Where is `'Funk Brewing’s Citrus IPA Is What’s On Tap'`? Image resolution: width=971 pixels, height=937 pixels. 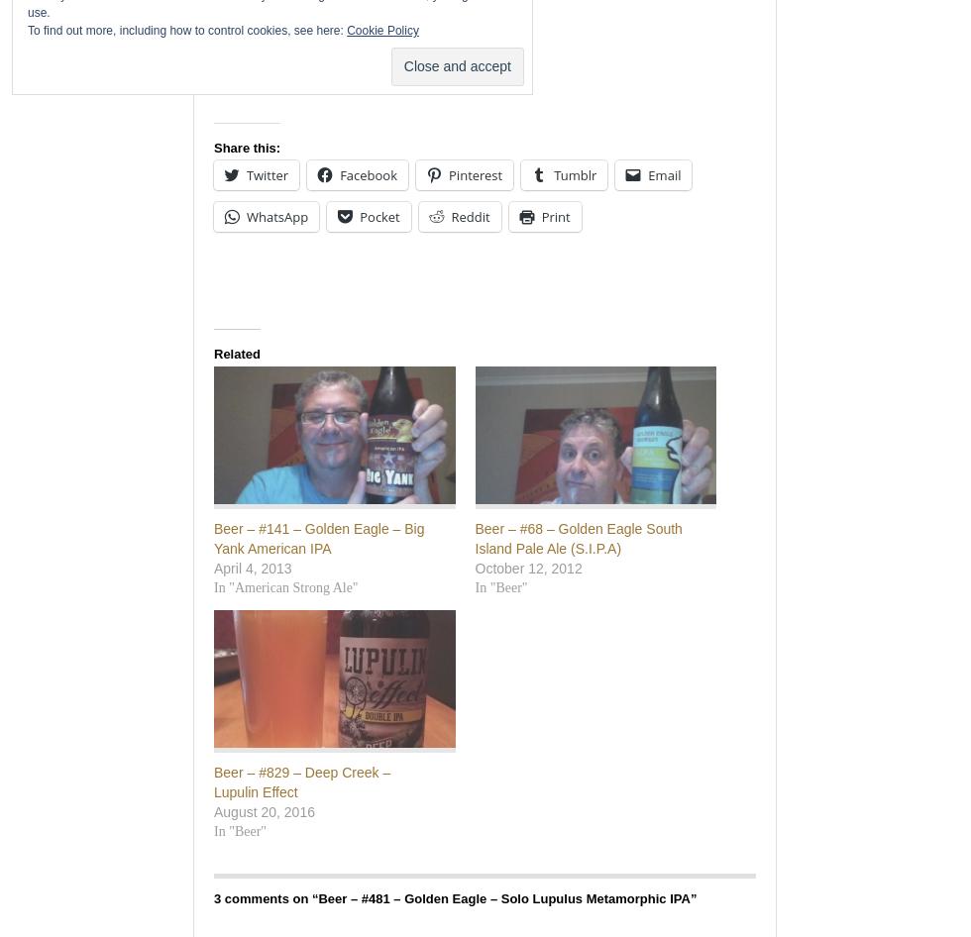 'Funk Brewing’s Citrus IPA Is What’s On Tap' is located at coordinates (407, 49).